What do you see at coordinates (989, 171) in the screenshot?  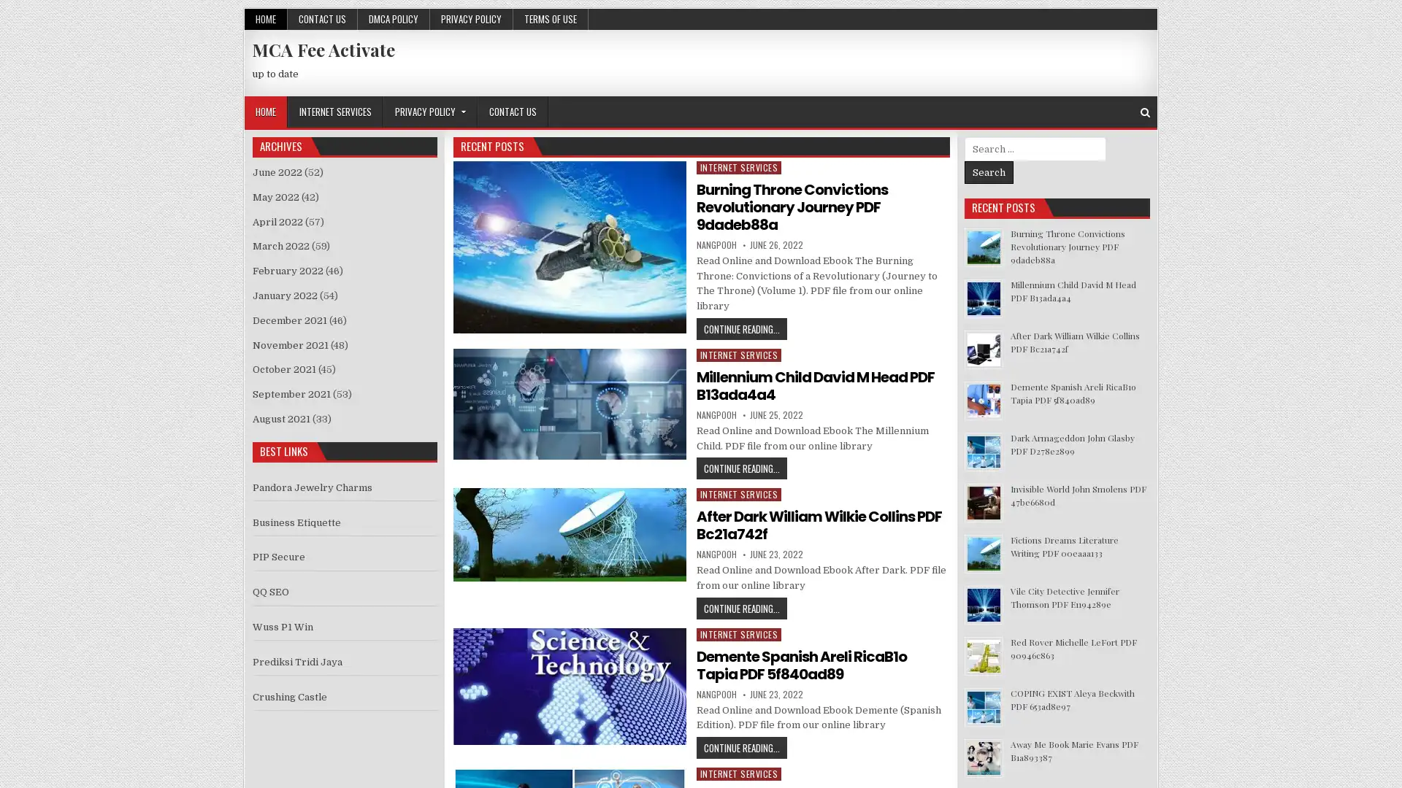 I see `Search` at bounding box center [989, 171].